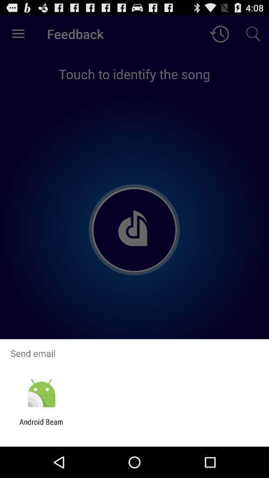  Describe the element at coordinates (41, 426) in the screenshot. I see `the android beam` at that location.